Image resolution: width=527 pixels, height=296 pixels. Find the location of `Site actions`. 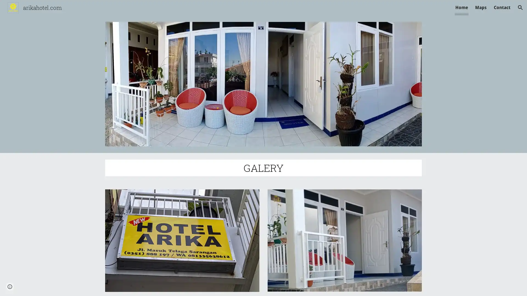

Site actions is located at coordinates (10, 286).